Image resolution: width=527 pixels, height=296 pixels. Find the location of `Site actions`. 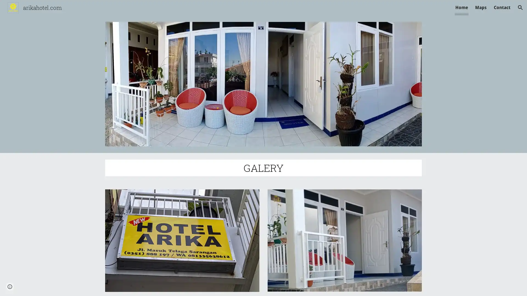

Site actions is located at coordinates (10, 286).